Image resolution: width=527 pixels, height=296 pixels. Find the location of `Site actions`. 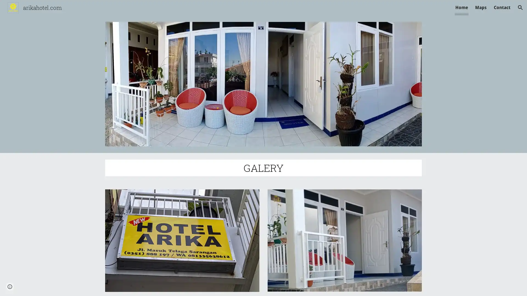

Site actions is located at coordinates (10, 286).